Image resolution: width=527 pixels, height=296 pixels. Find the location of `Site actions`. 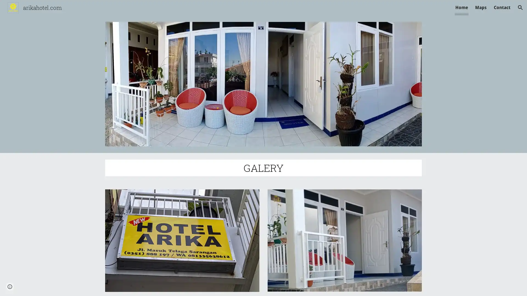

Site actions is located at coordinates (10, 286).